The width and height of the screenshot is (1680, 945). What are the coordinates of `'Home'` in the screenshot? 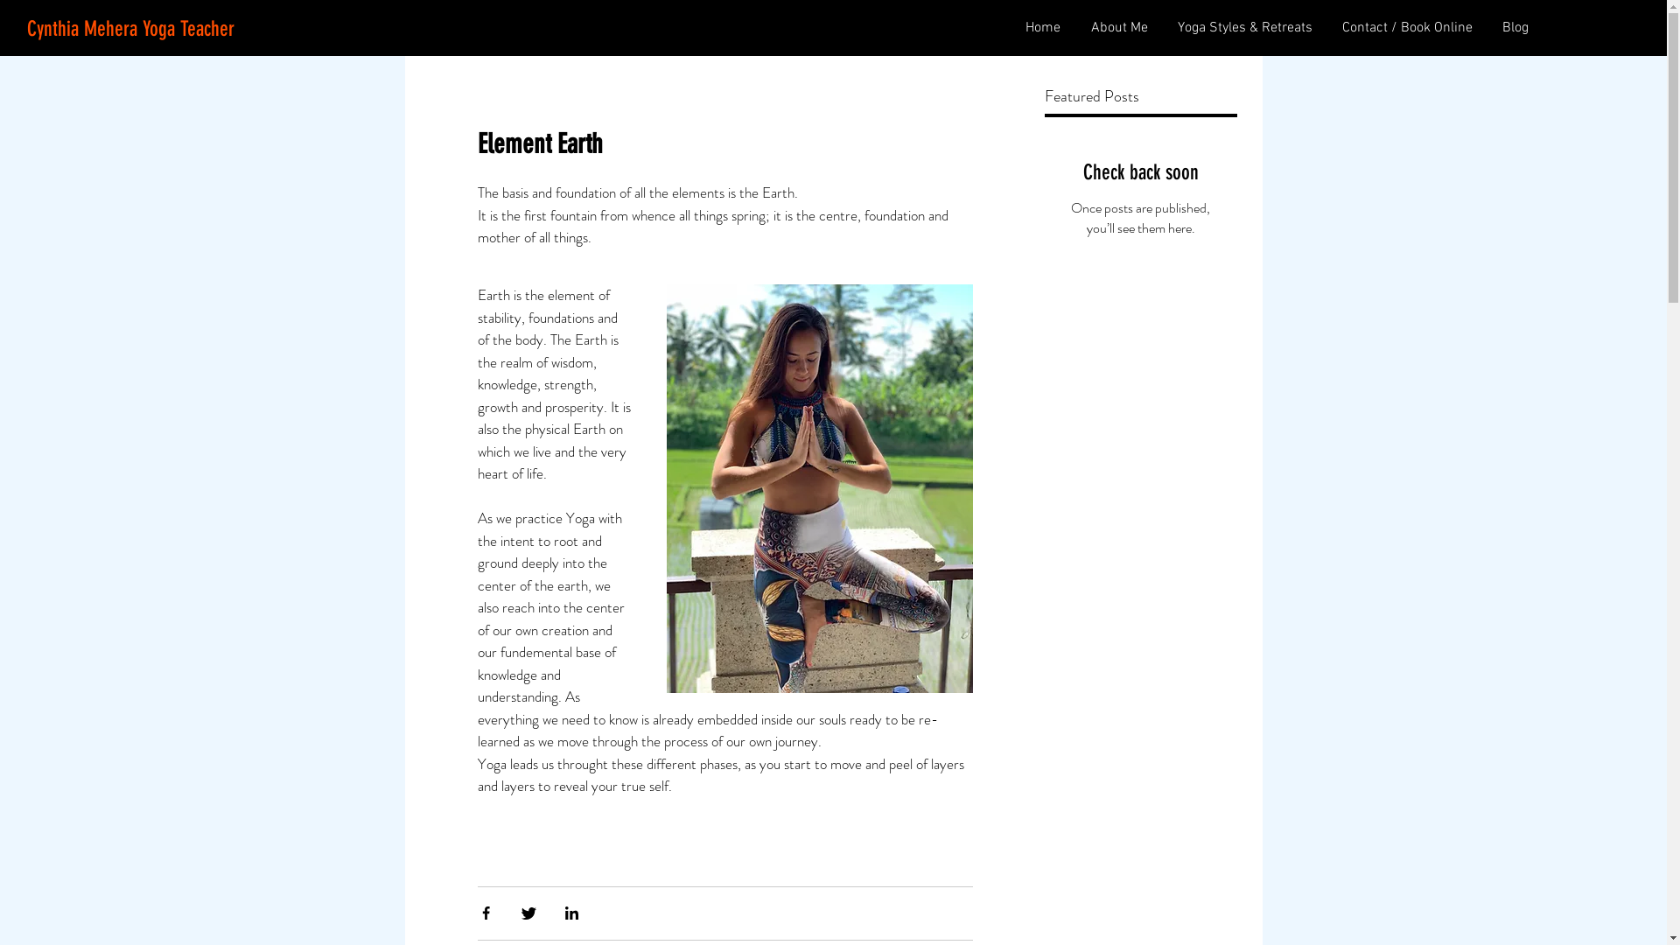 It's located at (1040, 28).